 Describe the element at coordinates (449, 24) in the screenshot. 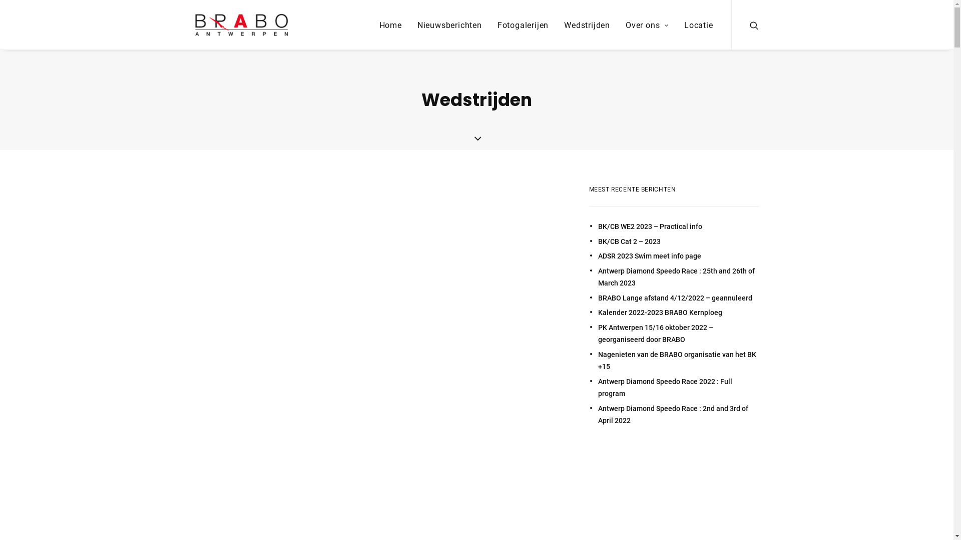

I see `'Nieuwsberichten'` at that location.